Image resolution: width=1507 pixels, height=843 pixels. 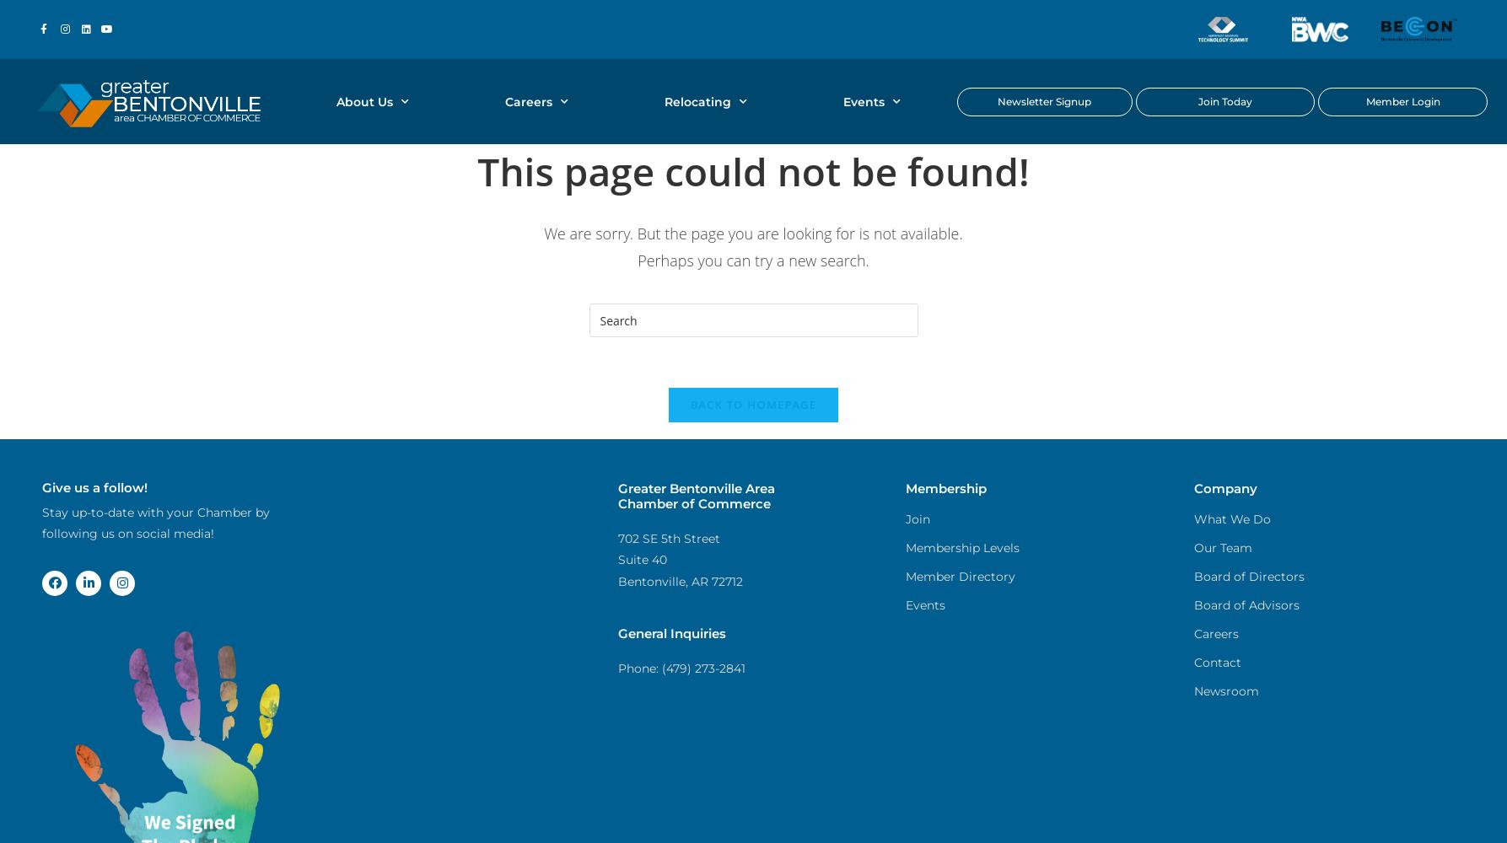 What do you see at coordinates (364, 100) in the screenshot?
I see `'About Us'` at bounding box center [364, 100].